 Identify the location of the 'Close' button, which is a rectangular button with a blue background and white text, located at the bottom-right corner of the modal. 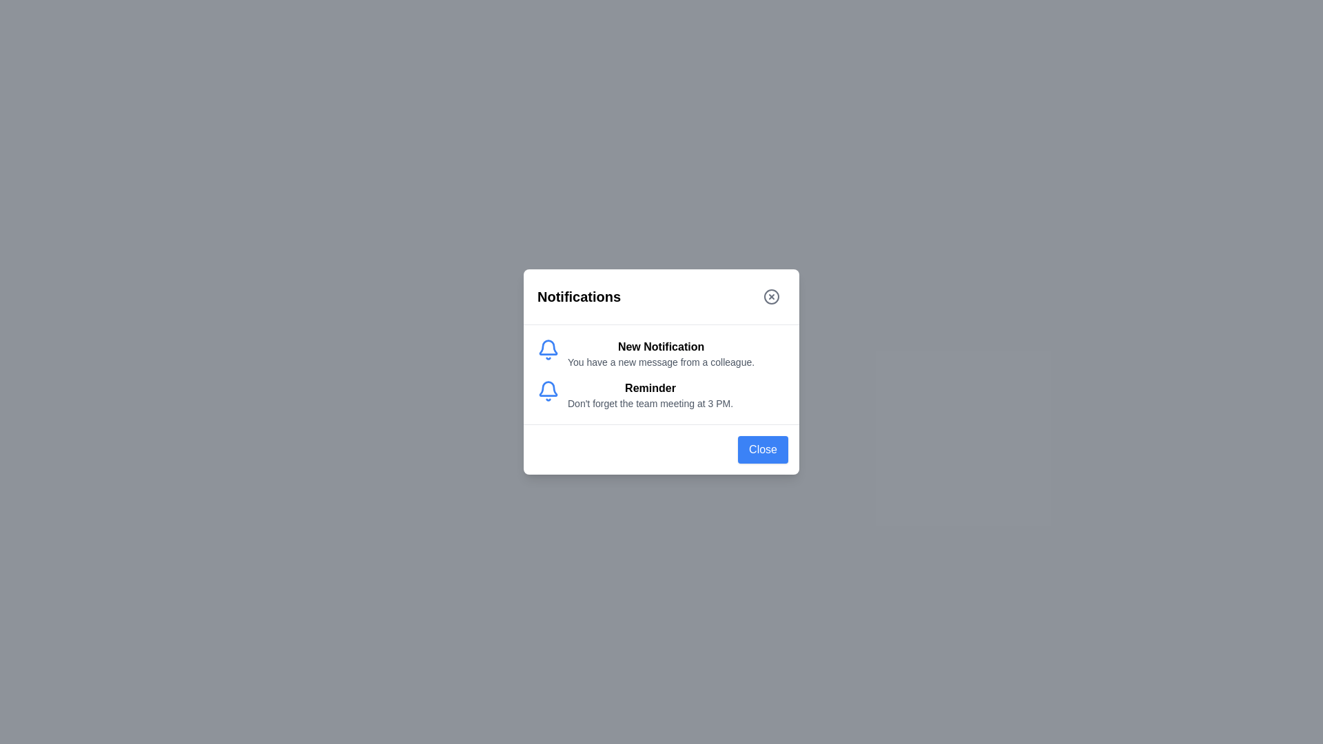
(762, 449).